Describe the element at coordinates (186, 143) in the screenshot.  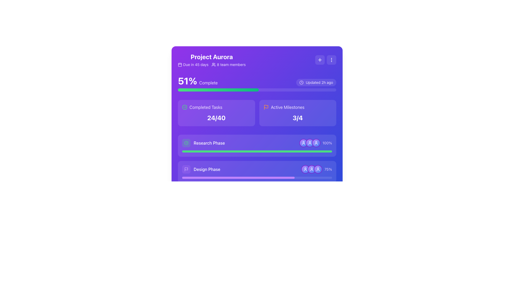
I see `the progress indicator icon for the 'Research Phase', located centrally within its square to indicate its completion status` at that location.